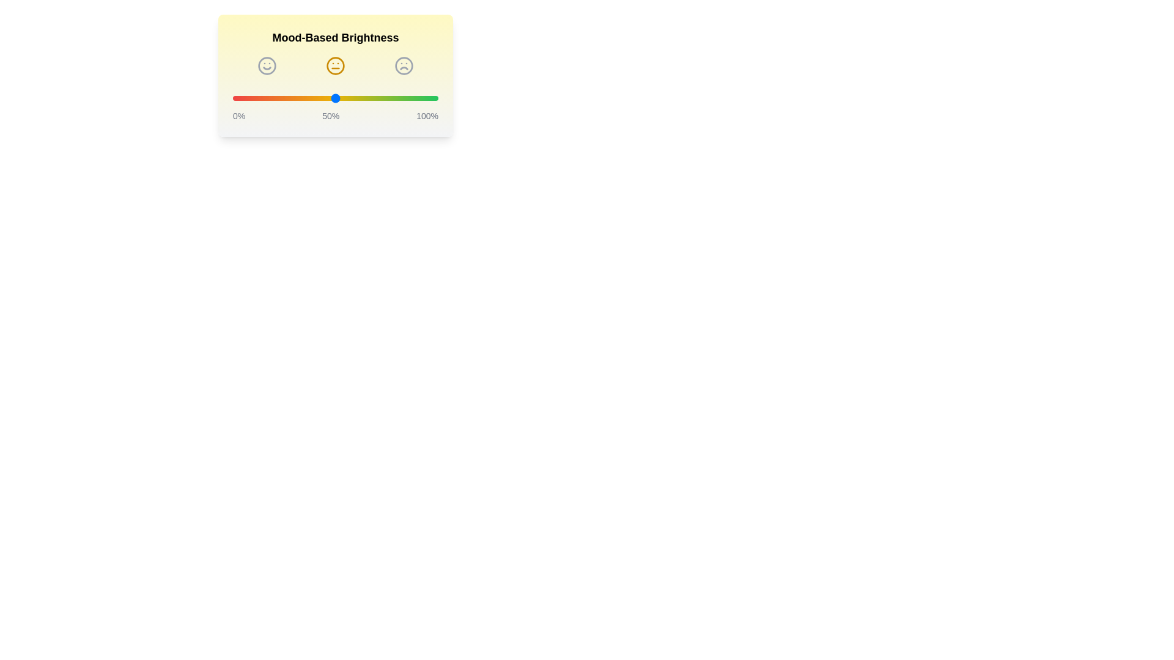 The height and width of the screenshot is (660, 1174). Describe the element at coordinates (263, 98) in the screenshot. I see `the brightness slider to 15% to observe the mood icon change` at that location.